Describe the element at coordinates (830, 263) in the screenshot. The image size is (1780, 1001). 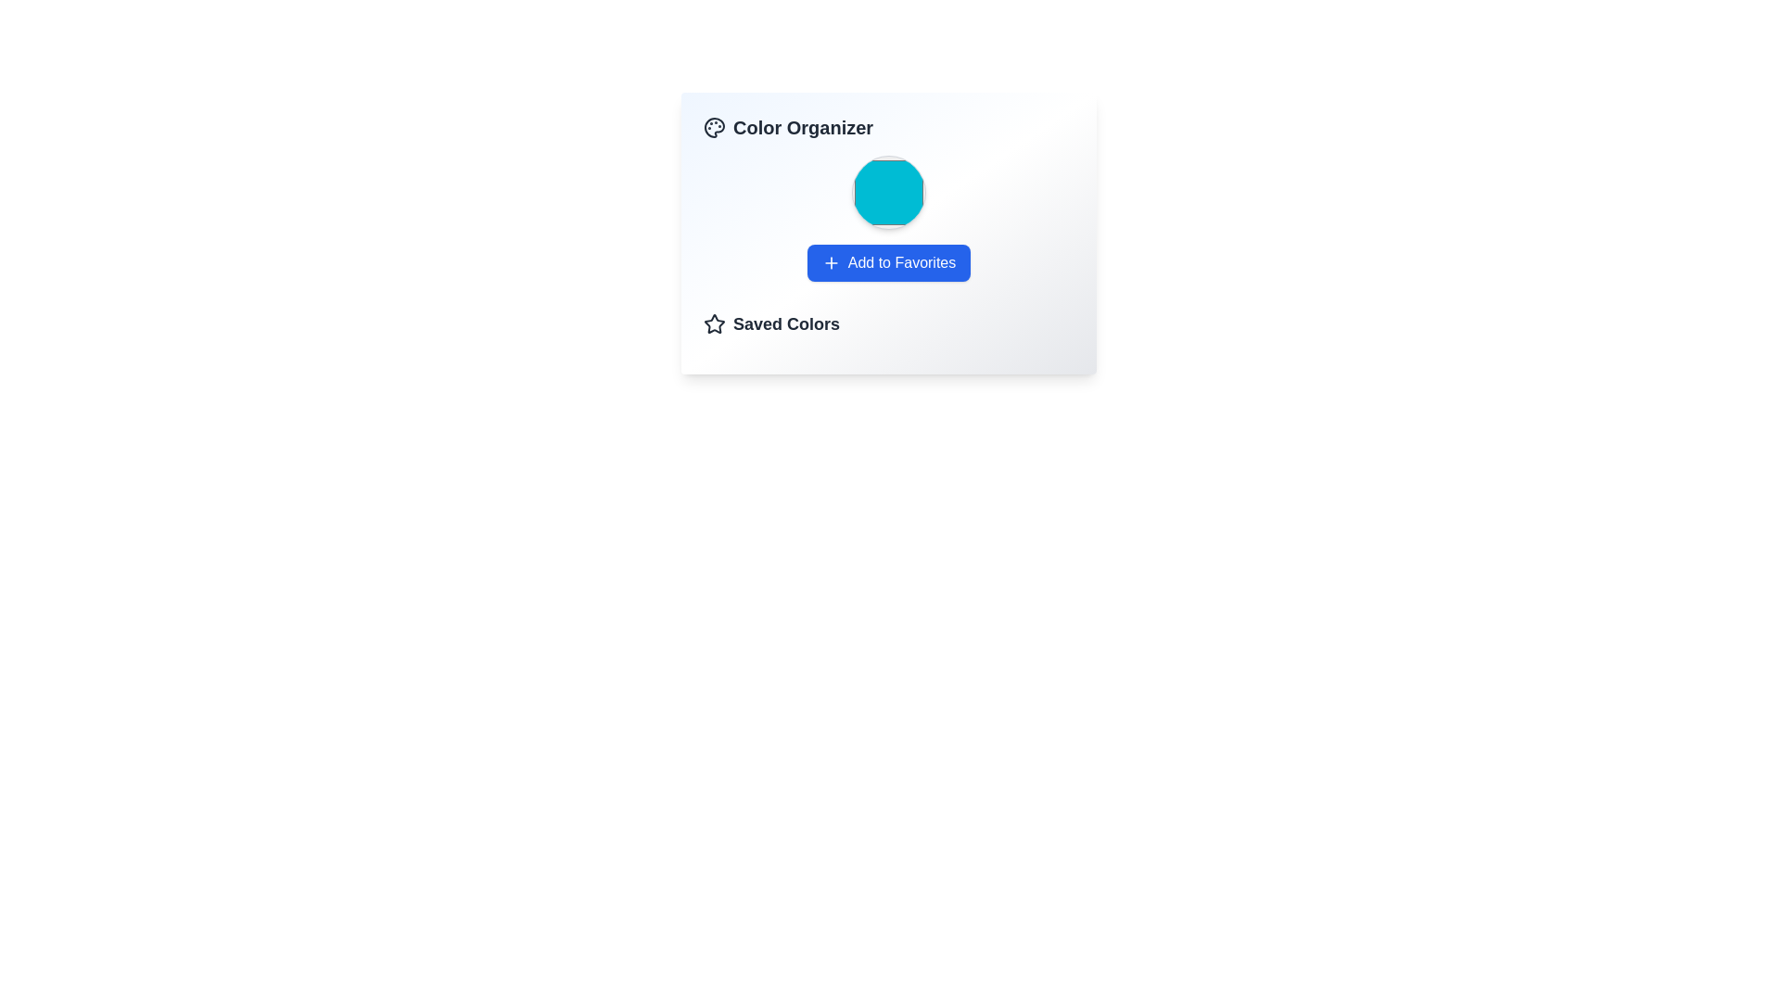
I see `the '+' icon located inside the blue rectangular 'Add to Favorites' button, positioned to the left of the label text` at that location.